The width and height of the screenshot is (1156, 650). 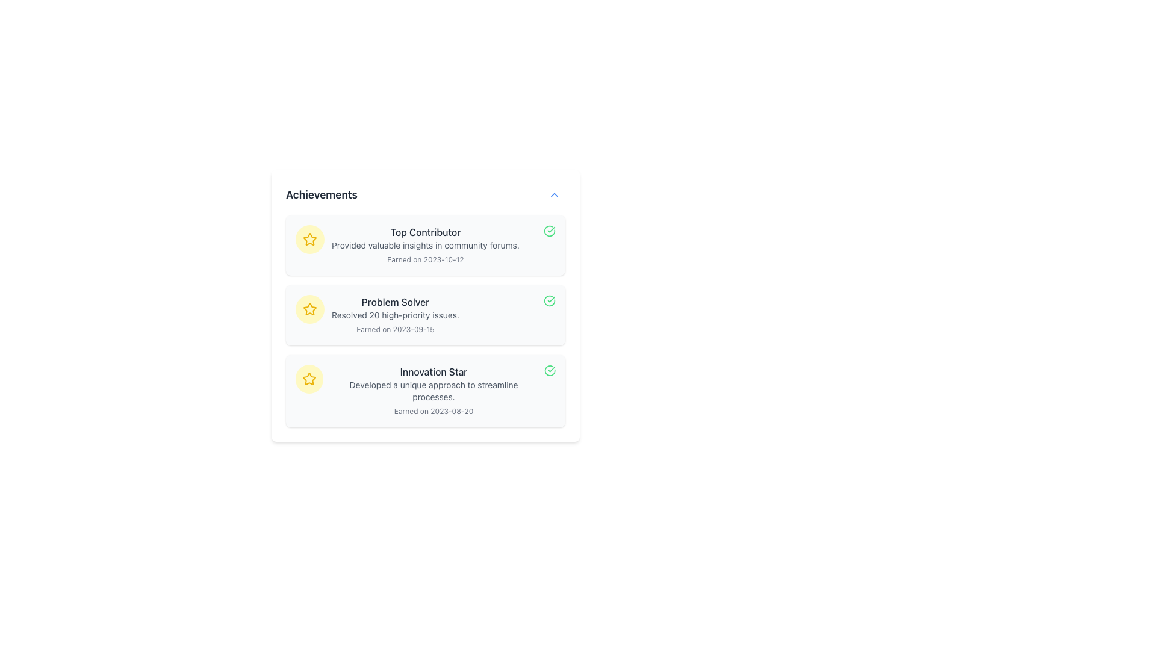 What do you see at coordinates (396, 315) in the screenshot?
I see `the descriptive Text label for the achievement titled 'Problem Solver', which is located within the second card in the 'Achievements' list, positioned below the card with 'Problem Solver' and above the card with 'Earned on 2023-09-15'` at bounding box center [396, 315].